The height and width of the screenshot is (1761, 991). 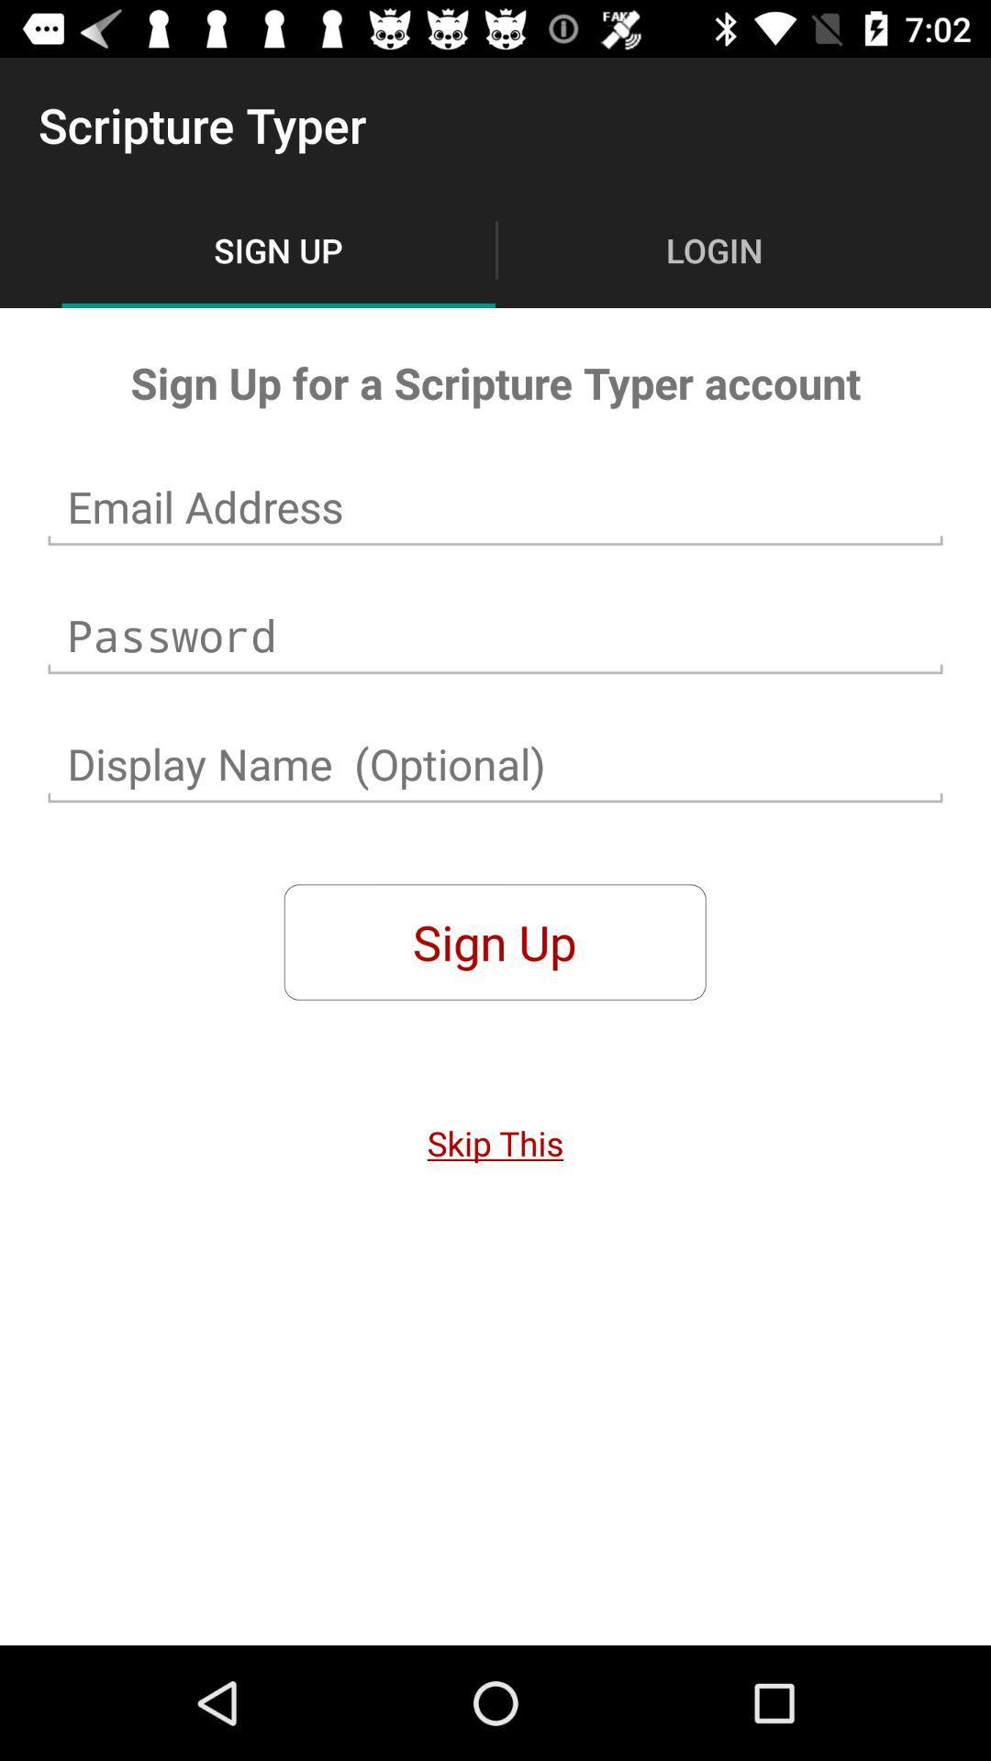 I want to click on name, so click(x=495, y=765).